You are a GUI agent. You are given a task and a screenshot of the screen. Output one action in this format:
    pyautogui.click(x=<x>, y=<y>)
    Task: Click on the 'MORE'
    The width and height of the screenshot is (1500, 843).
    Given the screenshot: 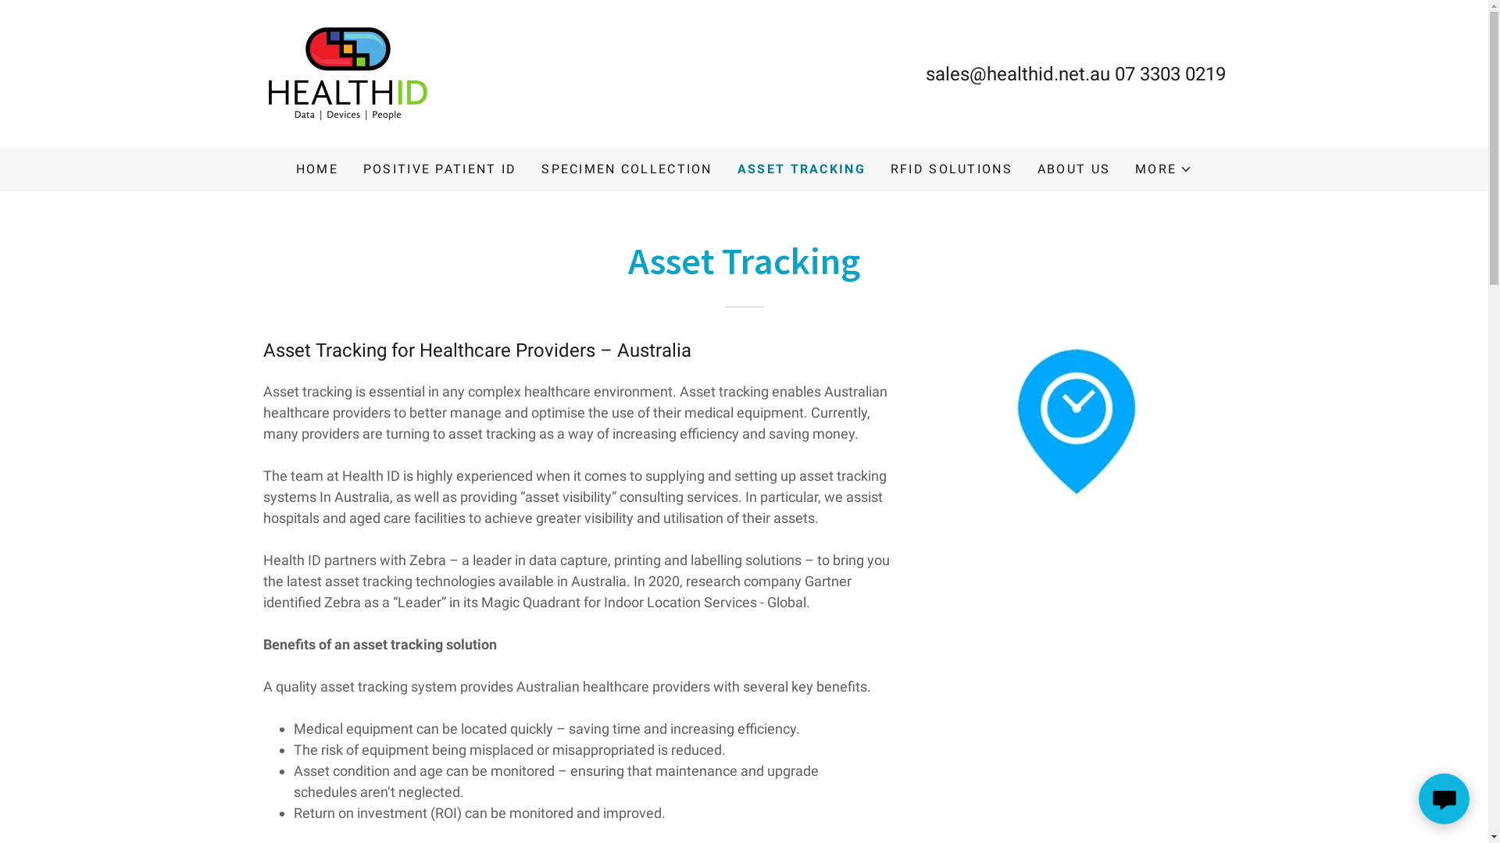 What is the action you would take?
    pyautogui.click(x=1135, y=169)
    